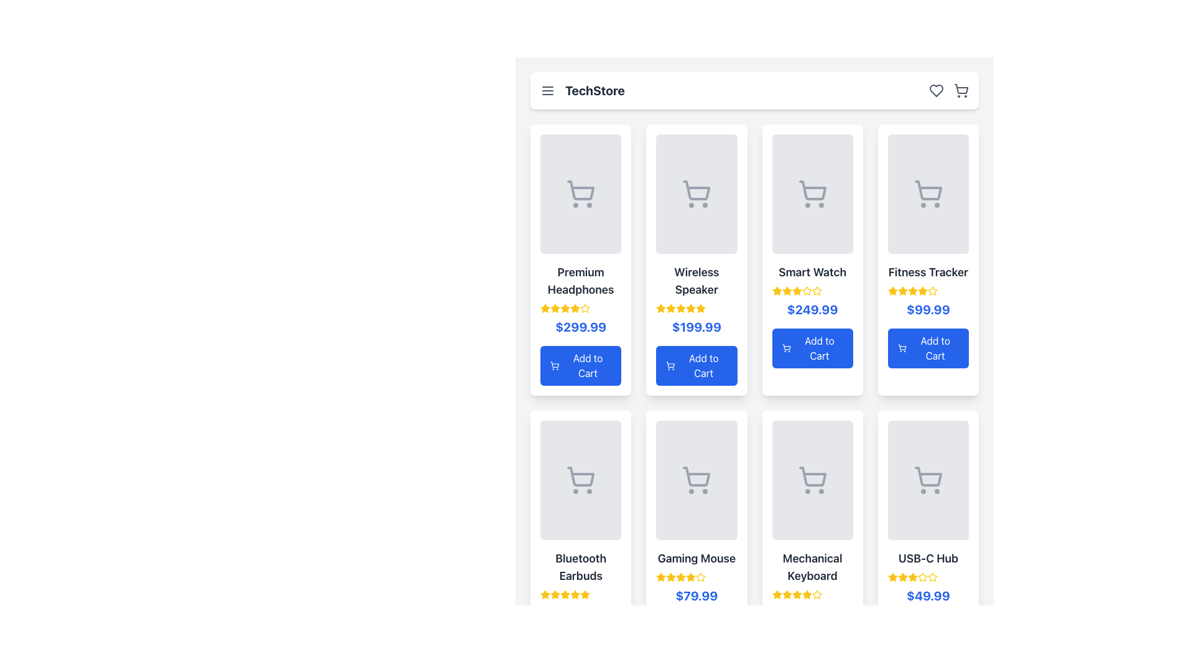  What do you see at coordinates (670, 365) in the screenshot?
I see `the shopping cart icon embedded within the 'Add to Cart' button for the 'Wireless Speaker' product, located in the second column of the grid in the first row` at bounding box center [670, 365].